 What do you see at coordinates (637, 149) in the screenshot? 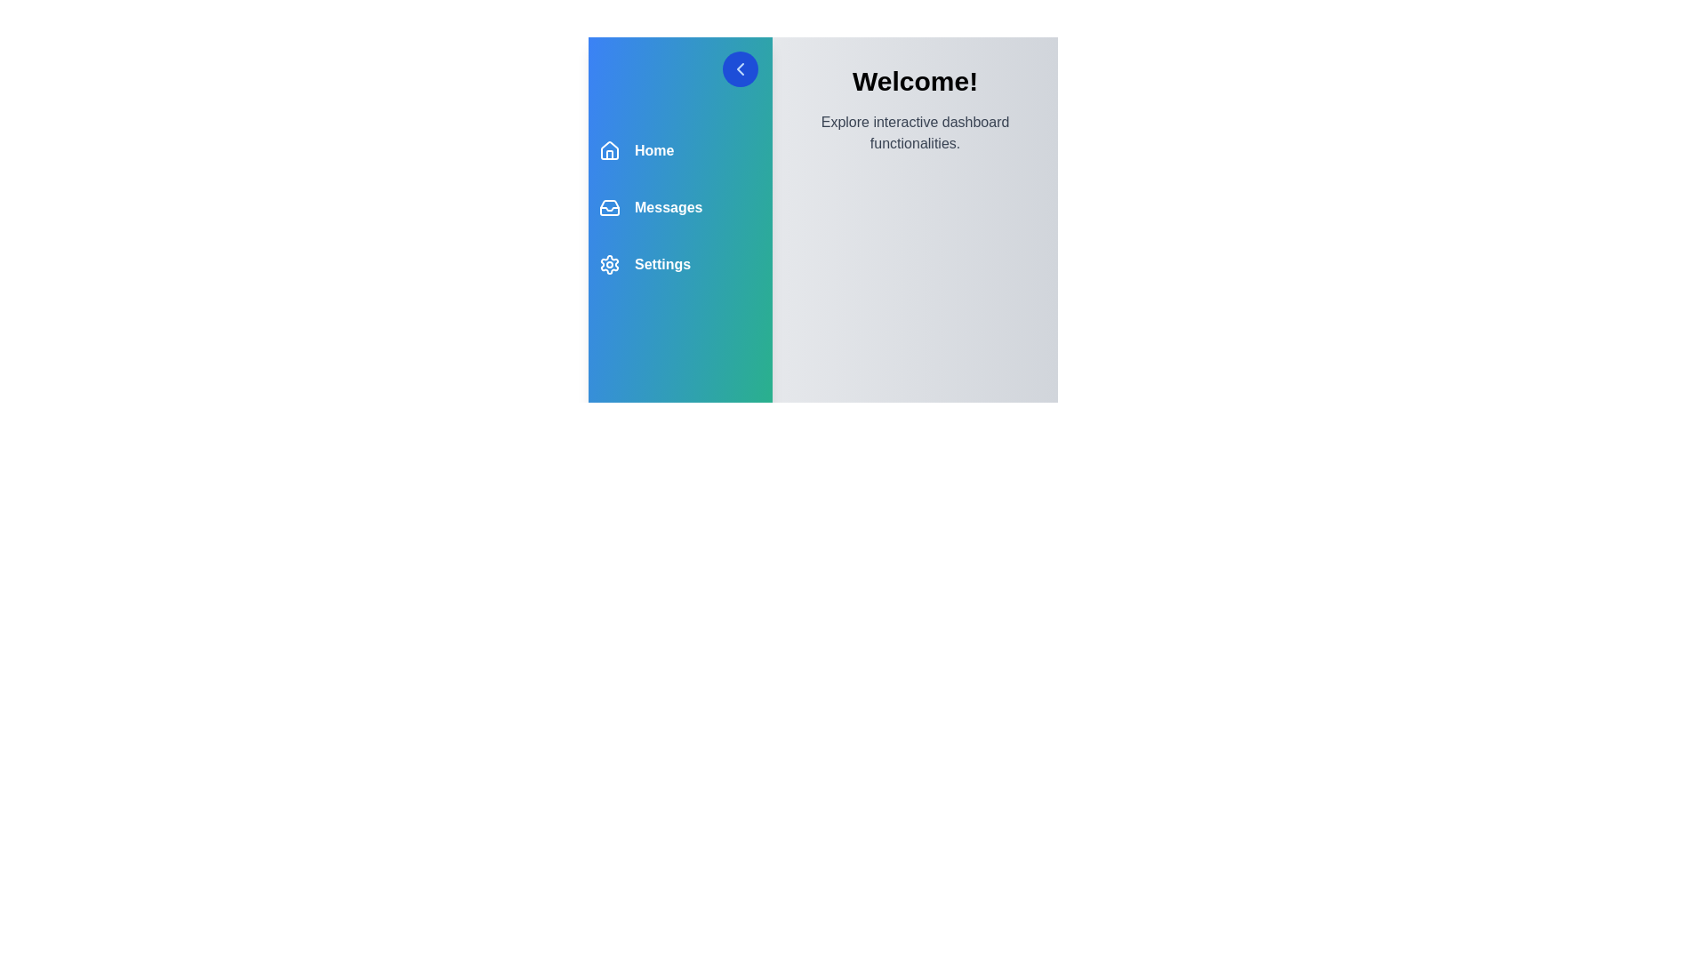
I see `the 'Home' navigation button, which features a house-shaped icon and the text 'Home'` at bounding box center [637, 149].